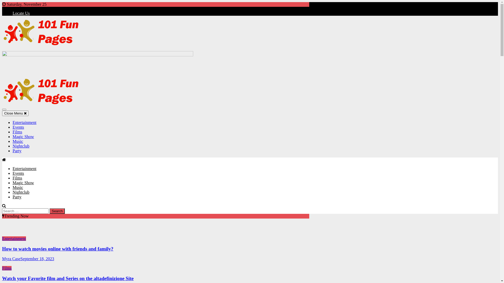  What do you see at coordinates (14, 238) in the screenshot?
I see `'Entertainment'` at bounding box center [14, 238].